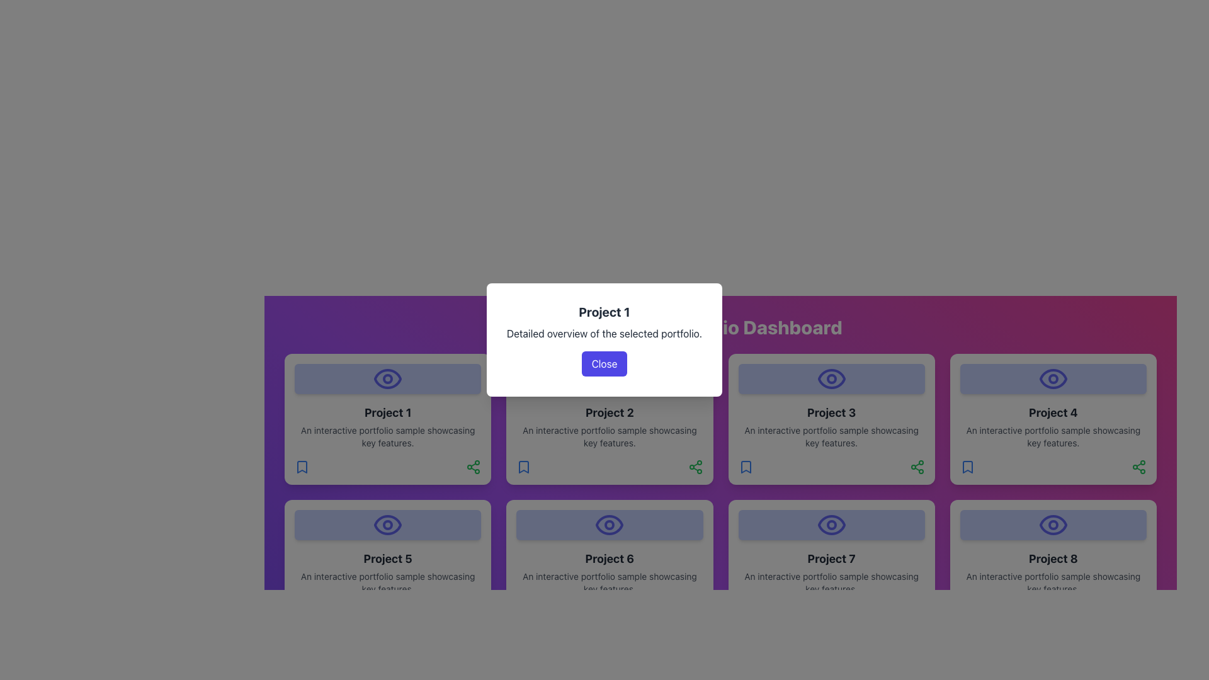 Image resolution: width=1209 pixels, height=680 pixels. Describe the element at coordinates (387, 524) in the screenshot. I see `the eye-shaped icon centered within the blue button above the label 'Project 5' in the portfolio grid interface` at that location.